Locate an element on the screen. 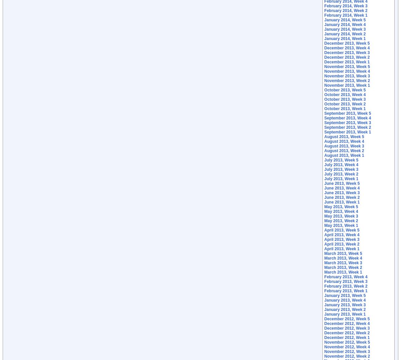 This screenshot has width=401, height=360. 'September 2013, Week 3' is located at coordinates (348, 123).